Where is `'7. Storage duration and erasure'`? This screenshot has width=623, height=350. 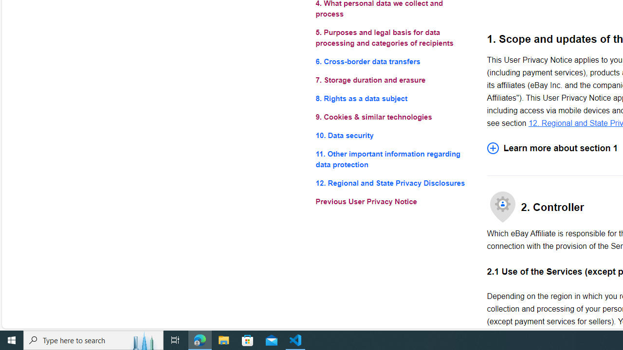
'7. Storage duration and erasure' is located at coordinates (393, 79).